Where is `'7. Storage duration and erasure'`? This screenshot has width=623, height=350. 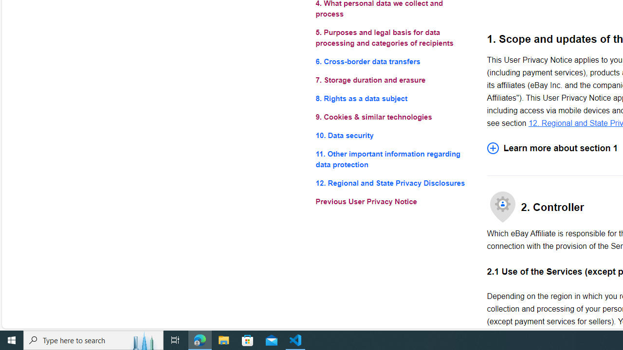
'7. Storage duration and erasure' is located at coordinates (393, 79).